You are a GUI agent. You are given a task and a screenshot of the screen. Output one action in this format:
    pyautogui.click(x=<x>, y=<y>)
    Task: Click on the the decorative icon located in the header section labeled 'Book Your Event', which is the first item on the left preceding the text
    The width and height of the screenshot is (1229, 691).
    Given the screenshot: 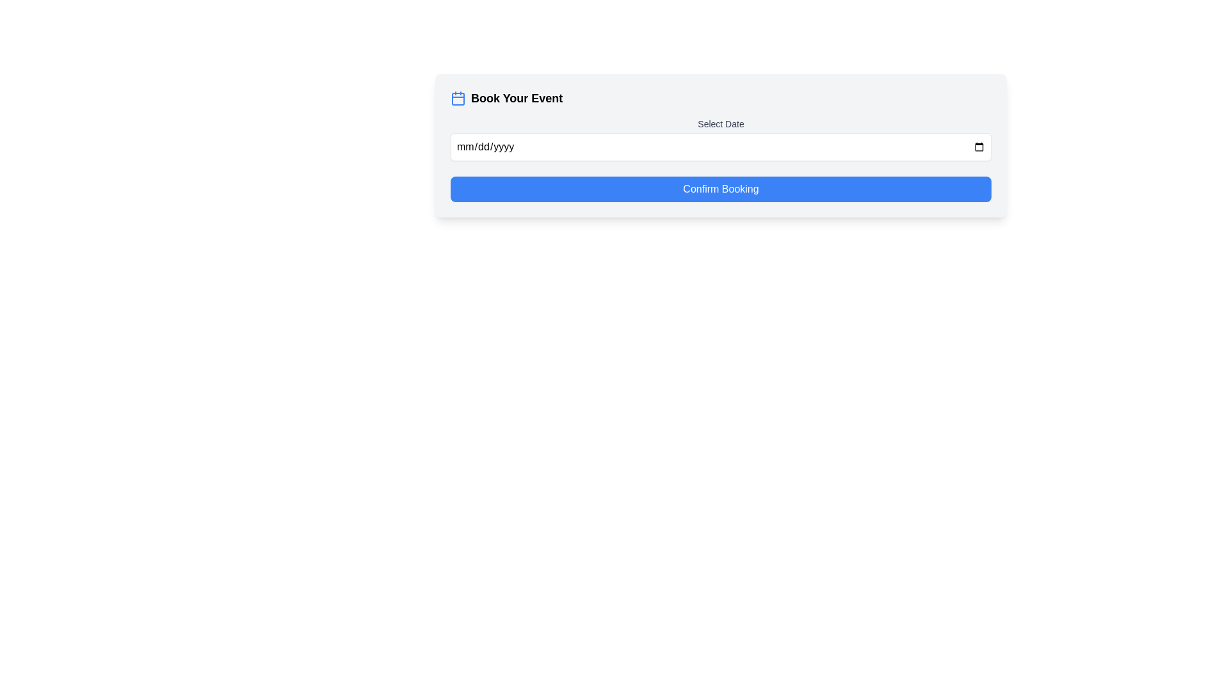 What is the action you would take?
    pyautogui.click(x=458, y=98)
    